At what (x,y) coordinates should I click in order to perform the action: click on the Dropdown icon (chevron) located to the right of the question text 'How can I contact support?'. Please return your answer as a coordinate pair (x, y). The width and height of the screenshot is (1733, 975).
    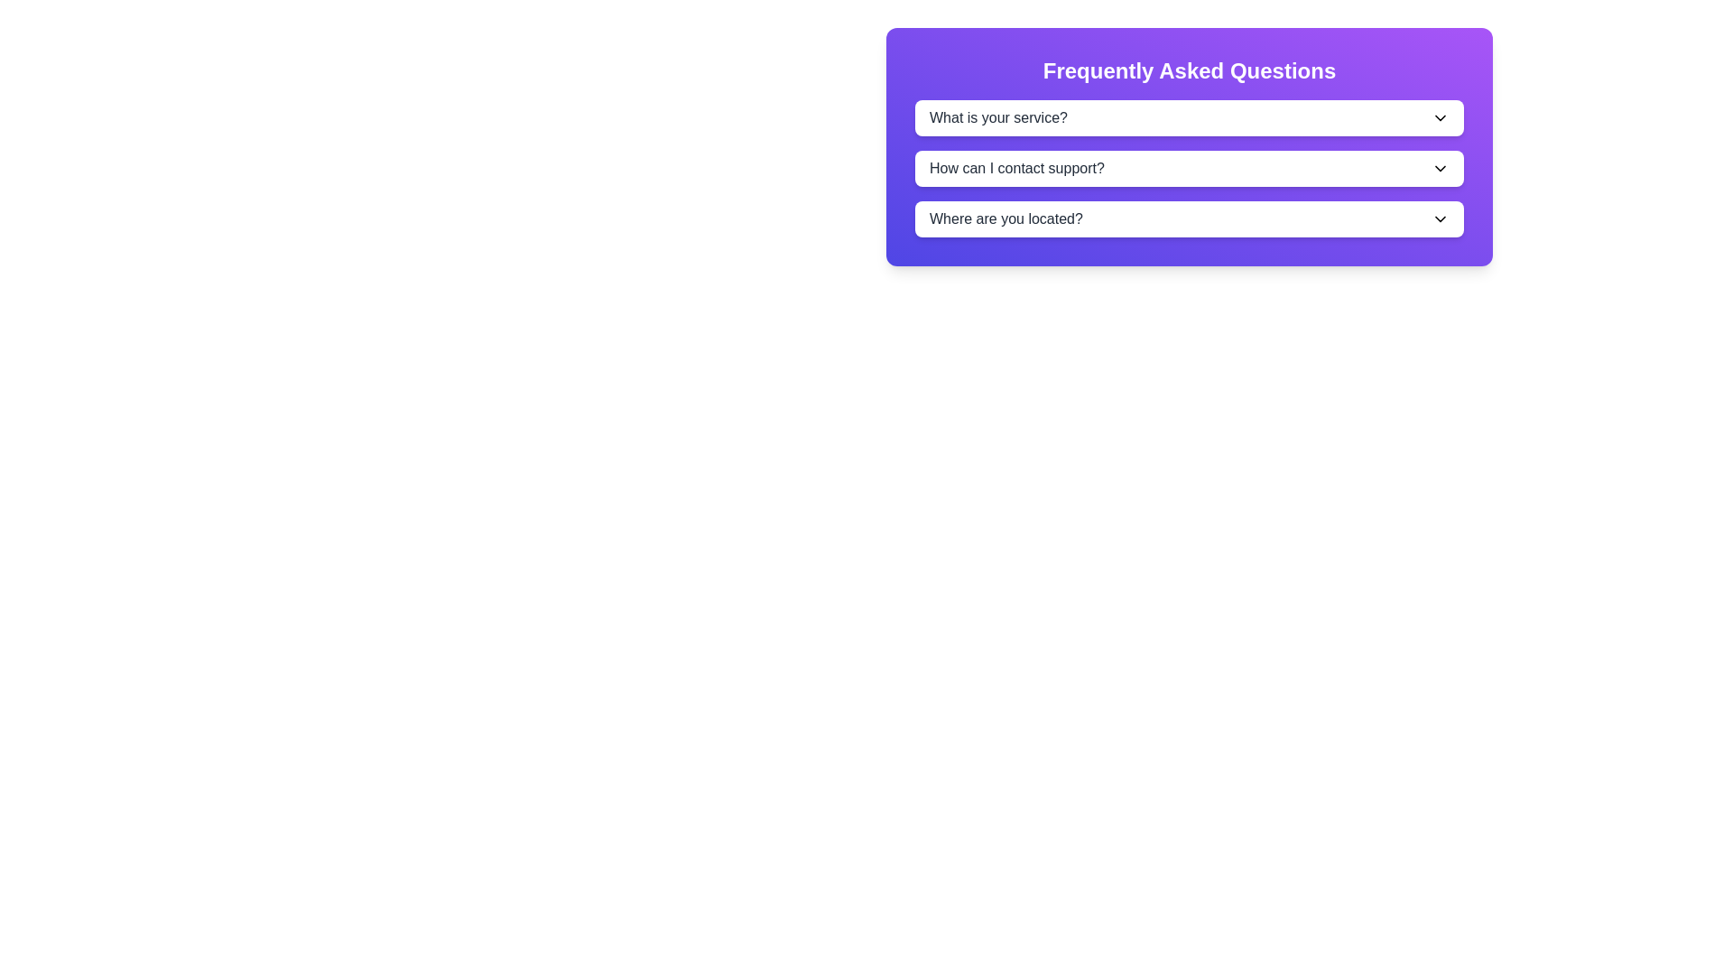
    Looking at the image, I should click on (1440, 168).